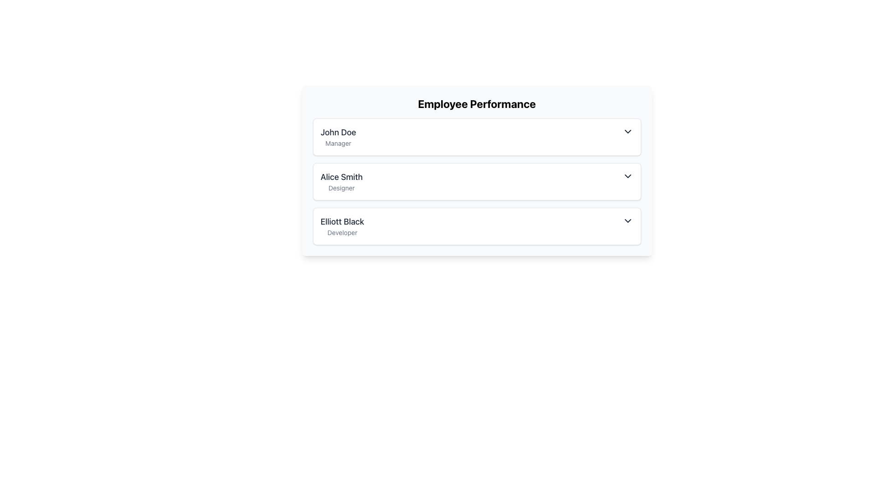  I want to click on the Dropdown indicator icon located to the far right of the 'John Doe' and 'Manager' texts, so click(627, 132).